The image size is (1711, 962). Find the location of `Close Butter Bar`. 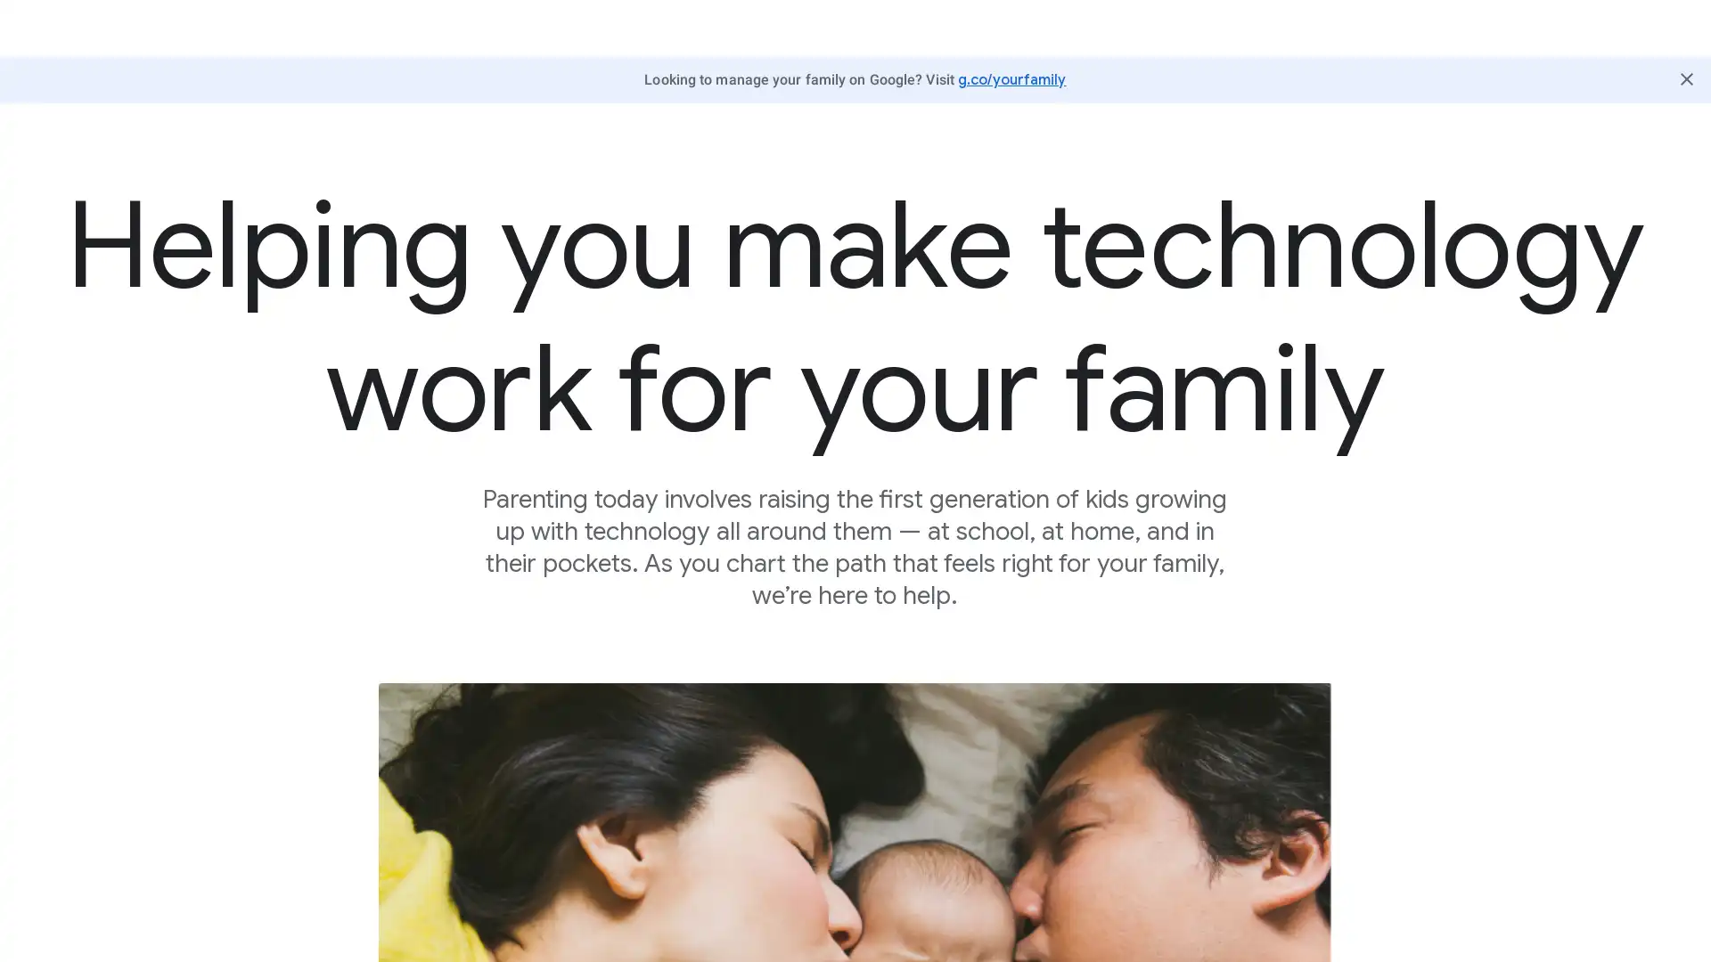

Close Butter Bar is located at coordinates (1685, 77).